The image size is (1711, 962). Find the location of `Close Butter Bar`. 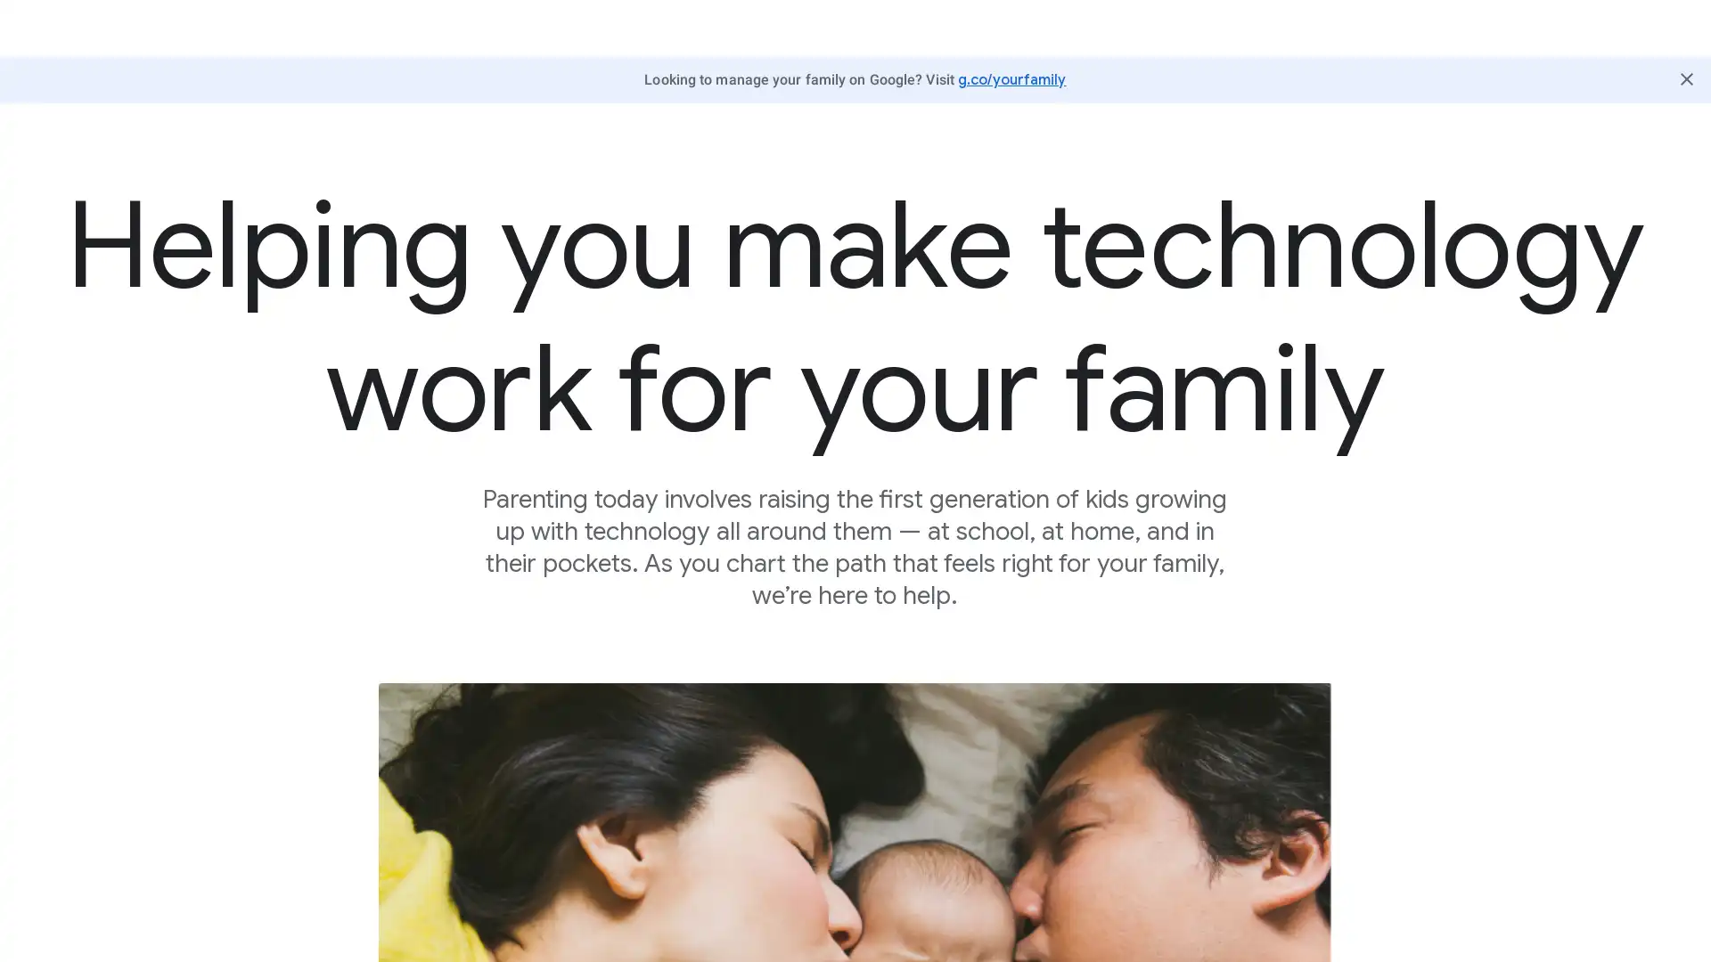

Close Butter Bar is located at coordinates (1685, 77).